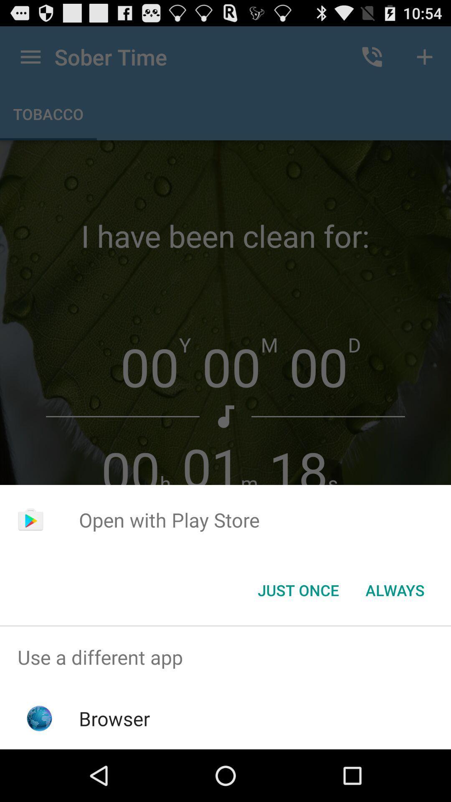 The image size is (451, 802). Describe the element at coordinates (395, 589) in the screenshot. I see `item at the bottom right corner` at that location.